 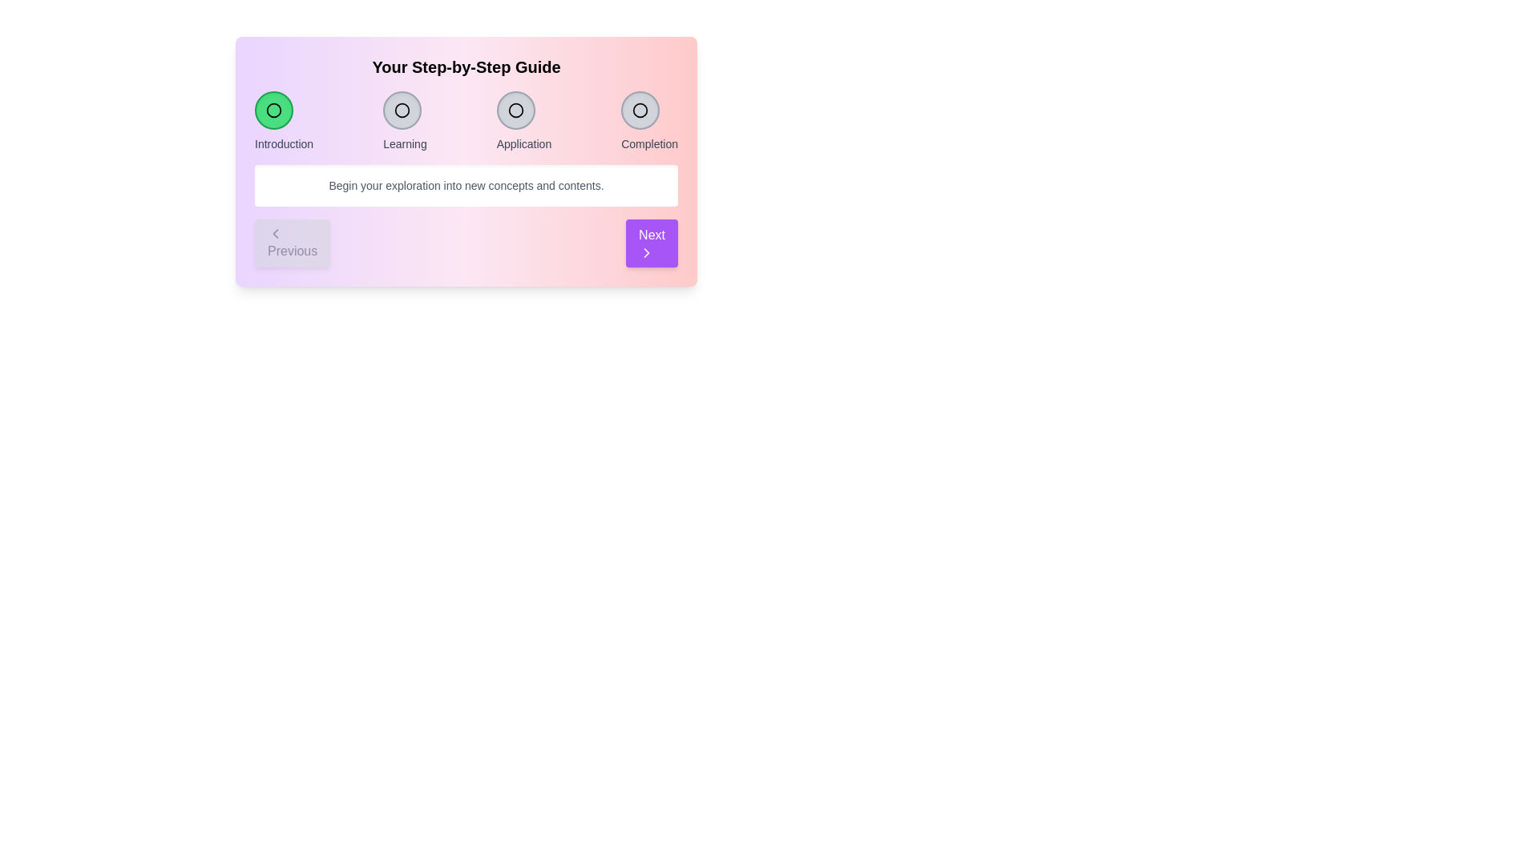 I want to click on the visual feedback on the thin outlined circular icon with class 'lucide lucide-circle', which is centered within the green button labeled 'Introduction' in the top-left of the UI, so click(x=273, y=110).